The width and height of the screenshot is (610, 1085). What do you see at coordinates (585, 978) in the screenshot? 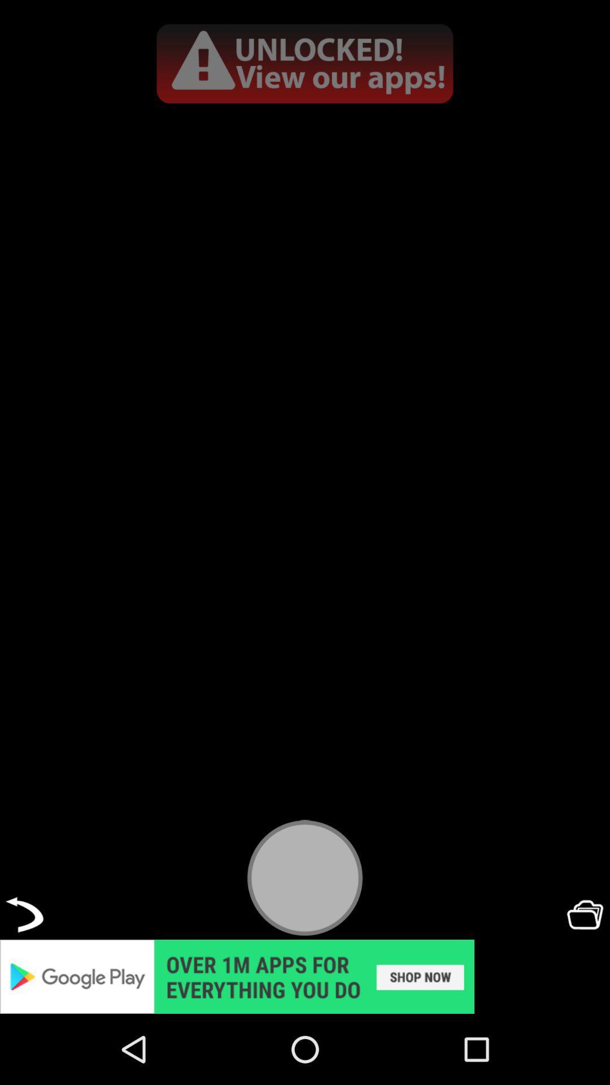
I see `the folder icon` at bounding box center [585, 978].